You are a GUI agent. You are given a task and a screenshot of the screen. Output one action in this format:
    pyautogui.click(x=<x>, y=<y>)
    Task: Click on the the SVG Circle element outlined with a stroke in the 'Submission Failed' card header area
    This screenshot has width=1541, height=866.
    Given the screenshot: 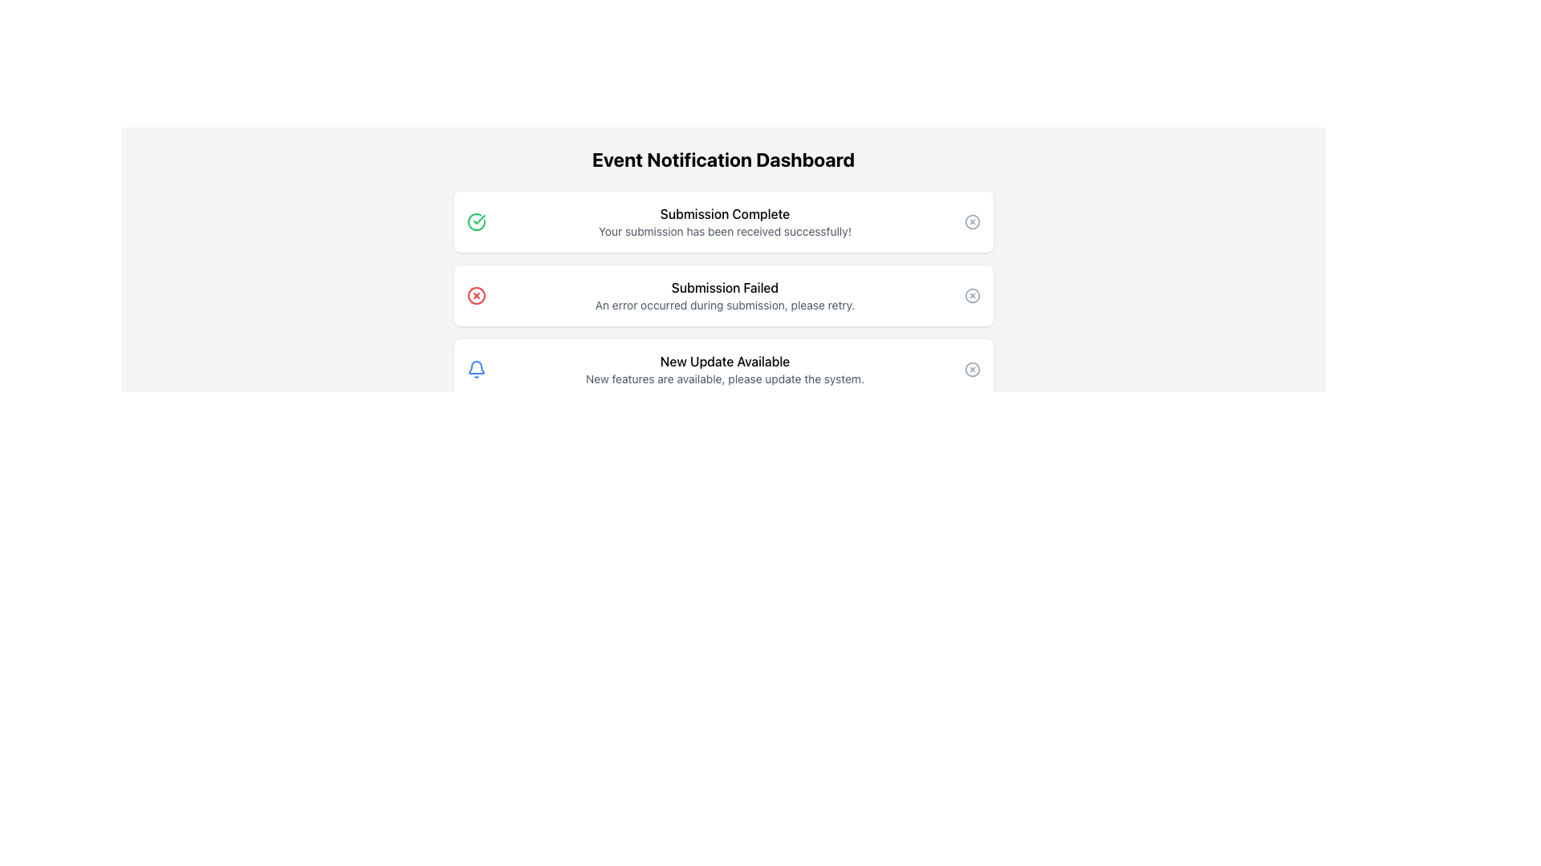 What is the action you would take?
    pyautogui.click(x=971, y=296)
    